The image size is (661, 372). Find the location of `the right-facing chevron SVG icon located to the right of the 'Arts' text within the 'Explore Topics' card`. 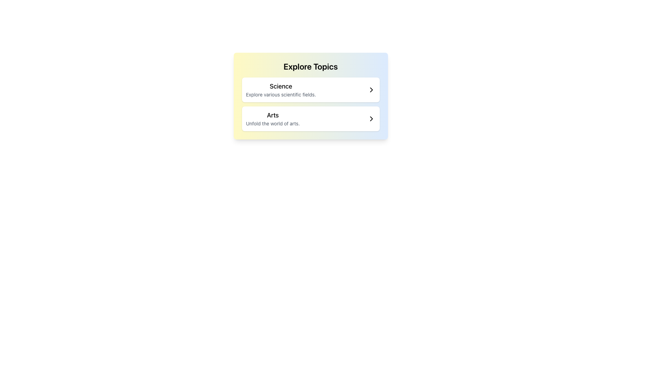

the right-facing chevron SVG icon located to the right of the 'Arts' text within the 'Explore Topics' card is located at coordinates (371, 118).